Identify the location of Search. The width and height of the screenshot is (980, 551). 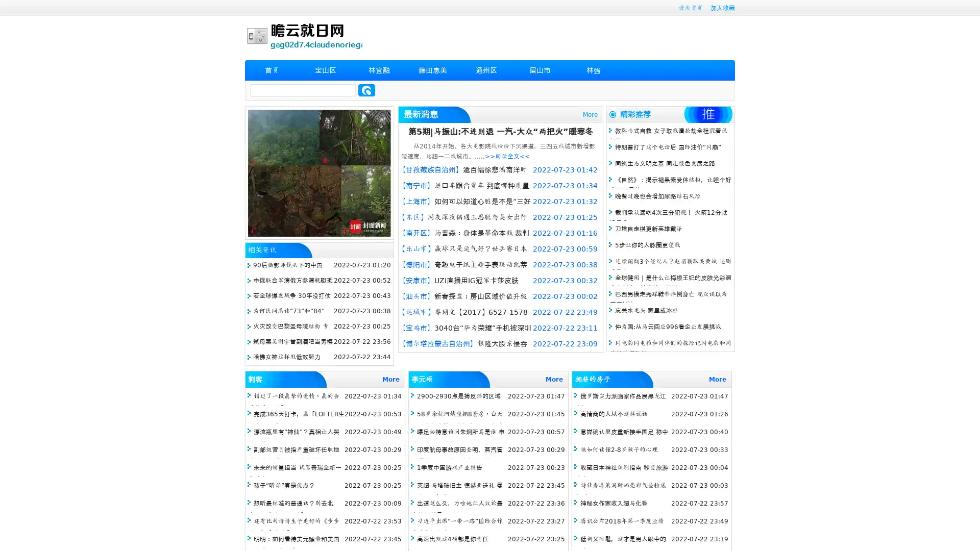
(366, 90).